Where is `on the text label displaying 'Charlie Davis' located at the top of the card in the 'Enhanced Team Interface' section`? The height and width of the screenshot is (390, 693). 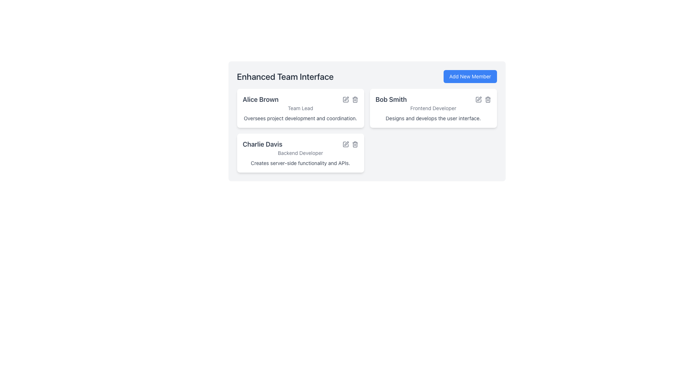
on the text label displaying 'Charlie Davis' located at the top of the card in the 'Enhanced Team Interface' section is located at coordinates (262, 144).